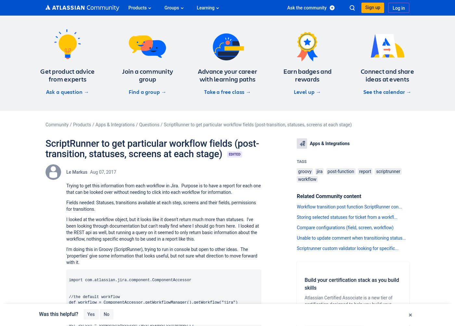  What do you see at coordinates (301, 161) in the screenshot?
I see `'TAGS'` at bounding box center [301, 161].